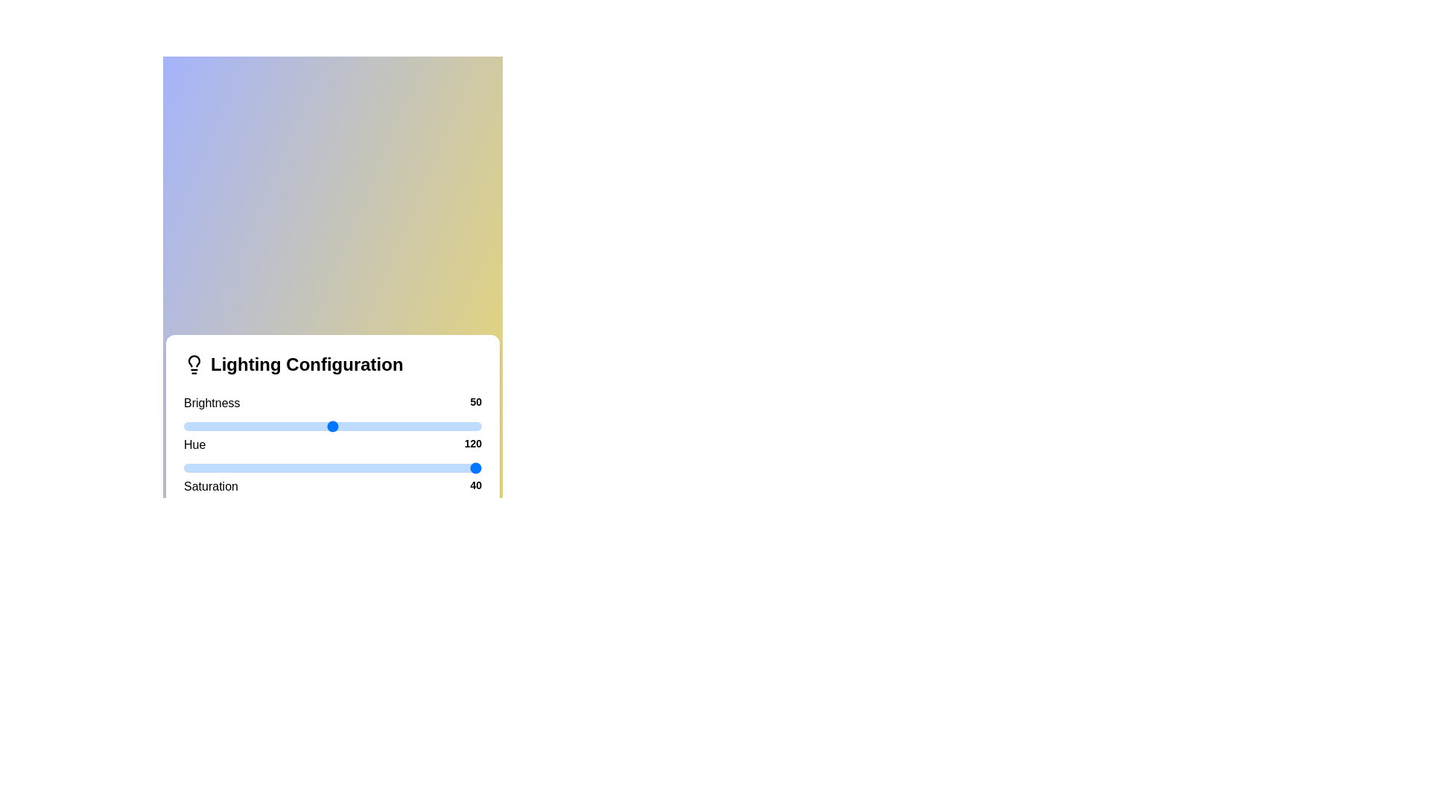  What do you see at coordinates (323, 427) in the screenshot?
I see `the brightness slider to 47 percent` at bounding box center [323, 427].